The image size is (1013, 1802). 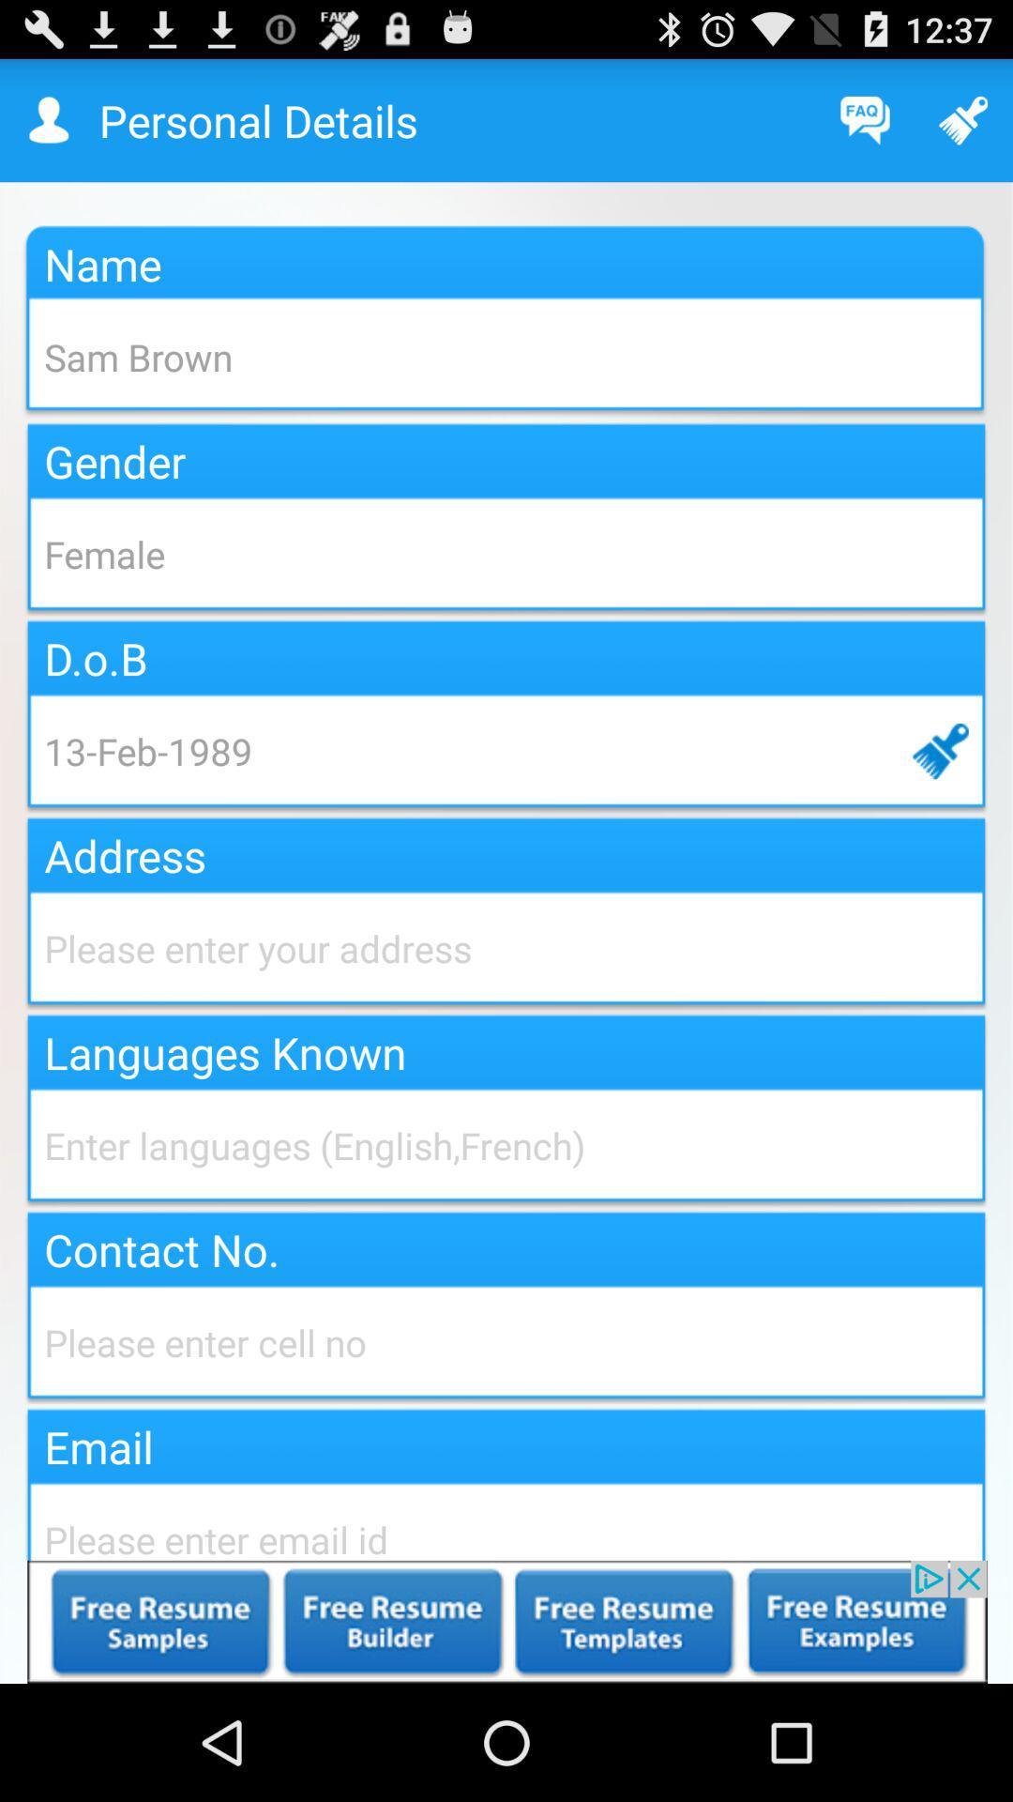 I want to click on the label icon, so click(x=963, y=128).